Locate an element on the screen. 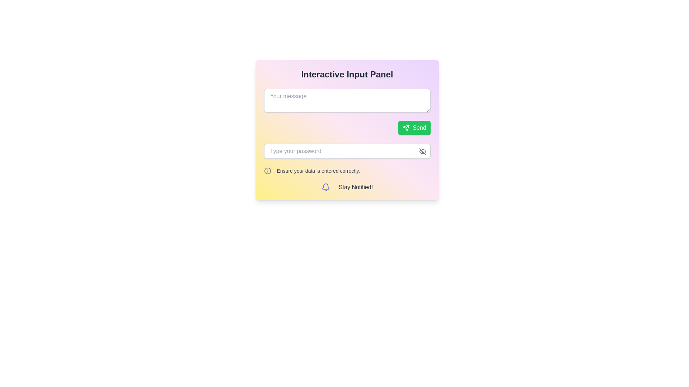 The image size is (689, 387). the icon button in the top-right corner of the password input field is located at coordinates (422, 151).